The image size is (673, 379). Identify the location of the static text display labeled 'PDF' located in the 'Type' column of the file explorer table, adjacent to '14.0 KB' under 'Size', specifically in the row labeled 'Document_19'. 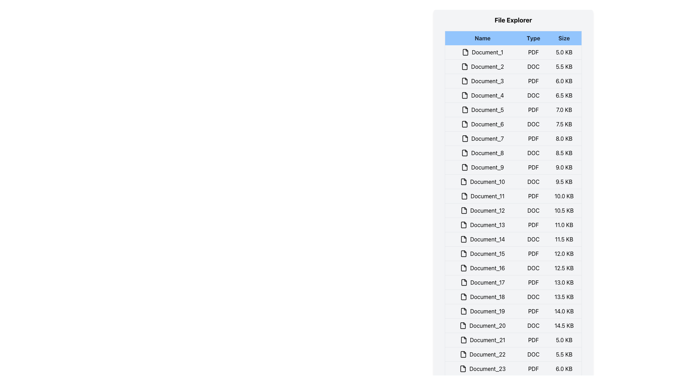
(533, 311).